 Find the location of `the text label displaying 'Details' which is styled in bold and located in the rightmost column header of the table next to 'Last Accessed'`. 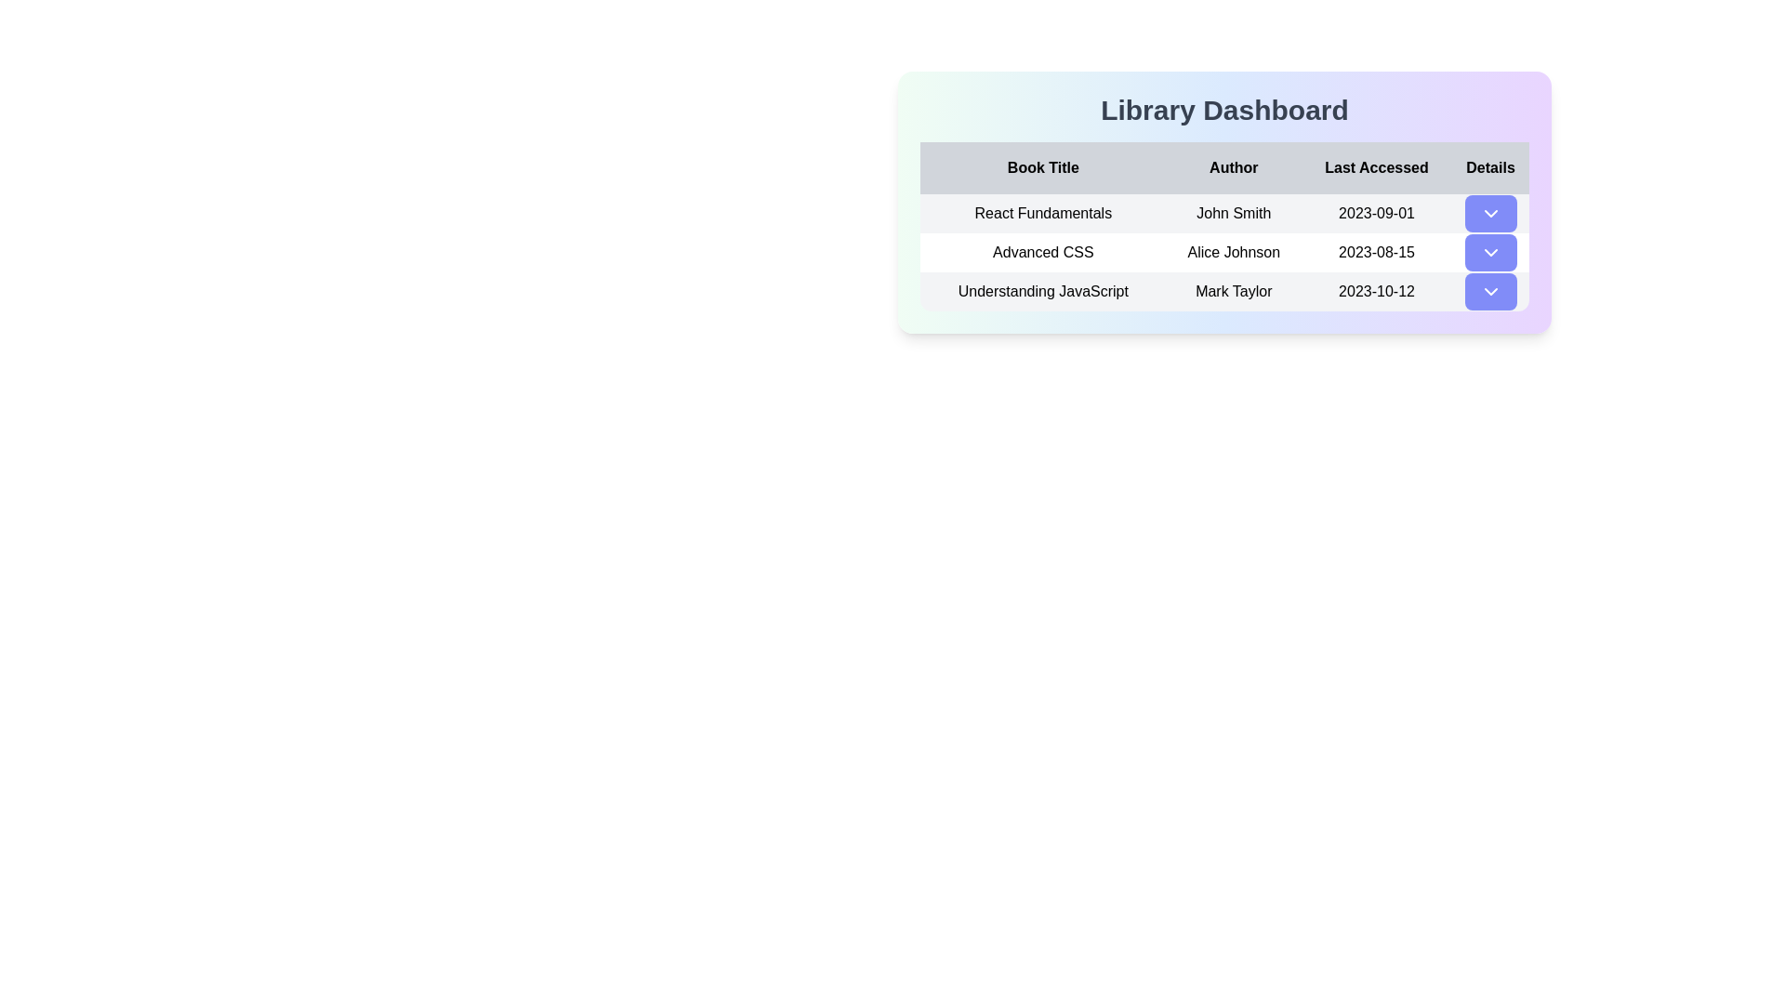

the text label displaying 'Details' which is styled in bold and located in the rightmost column header of the table next to 'Last Accessed' is located at coordinates (1490, 168).